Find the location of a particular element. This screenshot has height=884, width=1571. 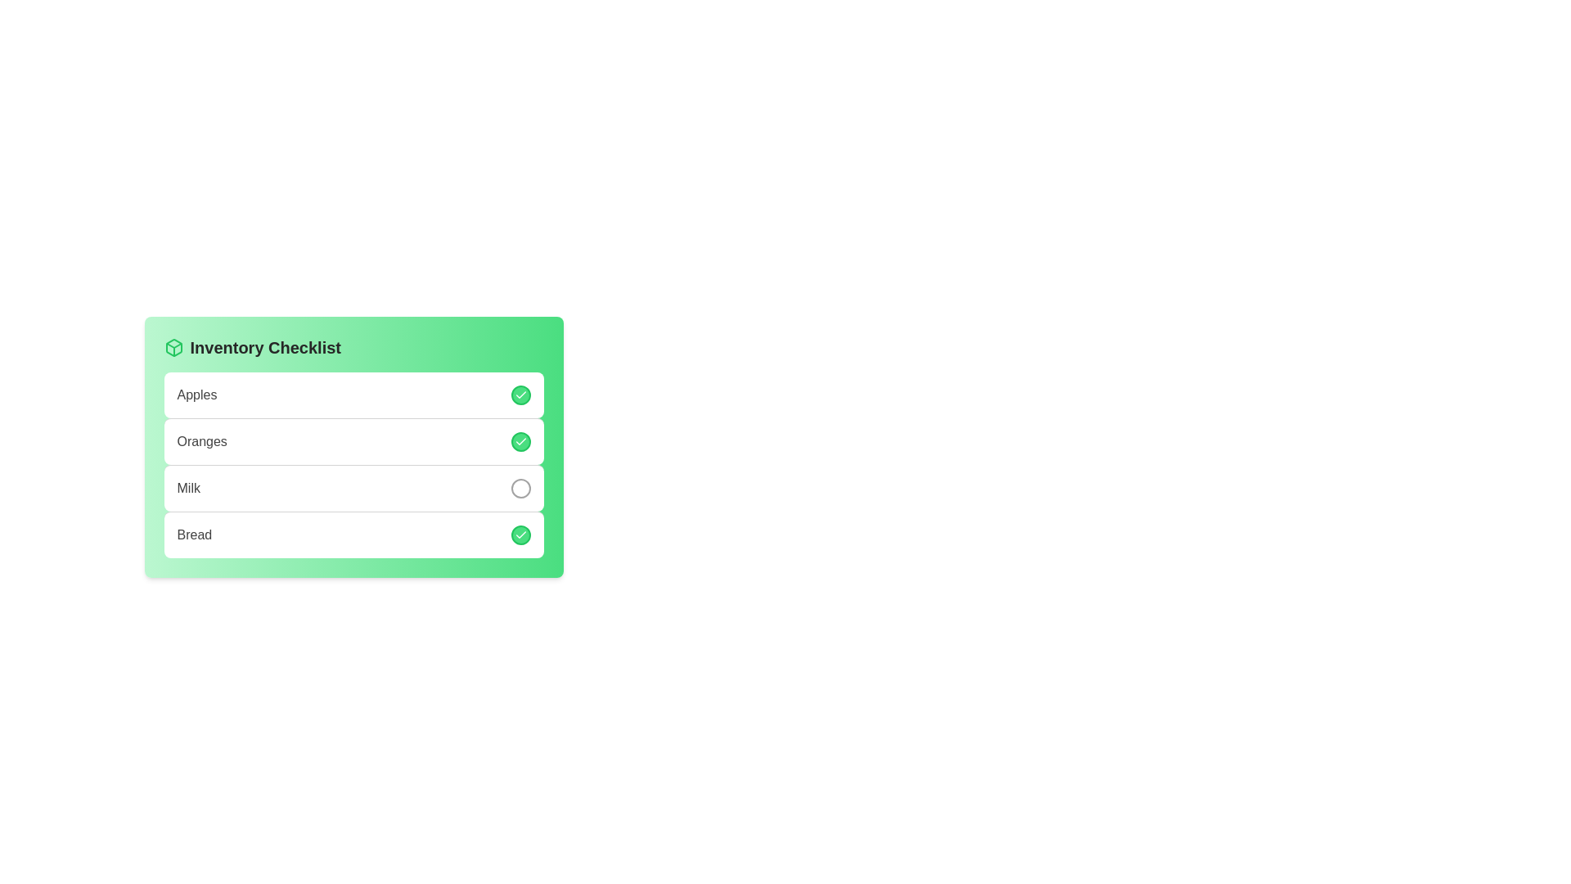

the decorative vector graphic icon shaped like a cube or box located at the top-left corner of the green card titled 'Inventory Checklist' is located at coordinates (173, 346).